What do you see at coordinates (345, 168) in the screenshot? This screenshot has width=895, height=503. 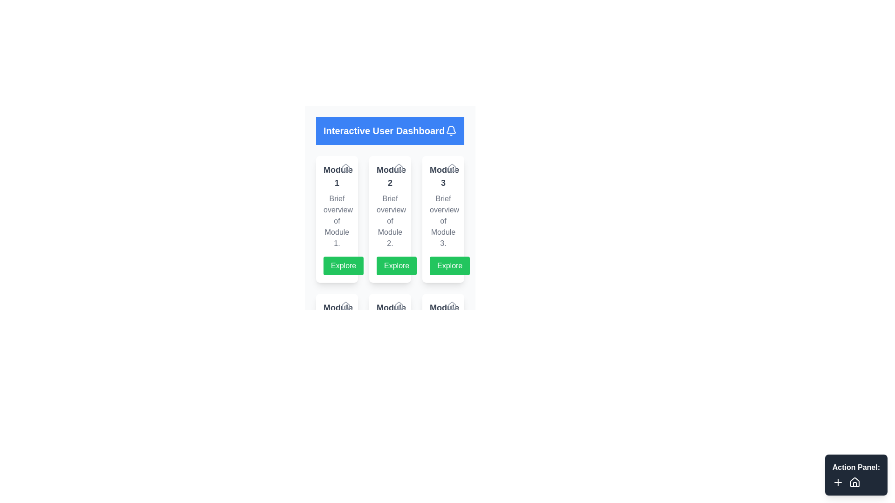 I see `the home-related icon located in the upper-right corner of the 'Module 1' card` at bounding box center [345, 168].